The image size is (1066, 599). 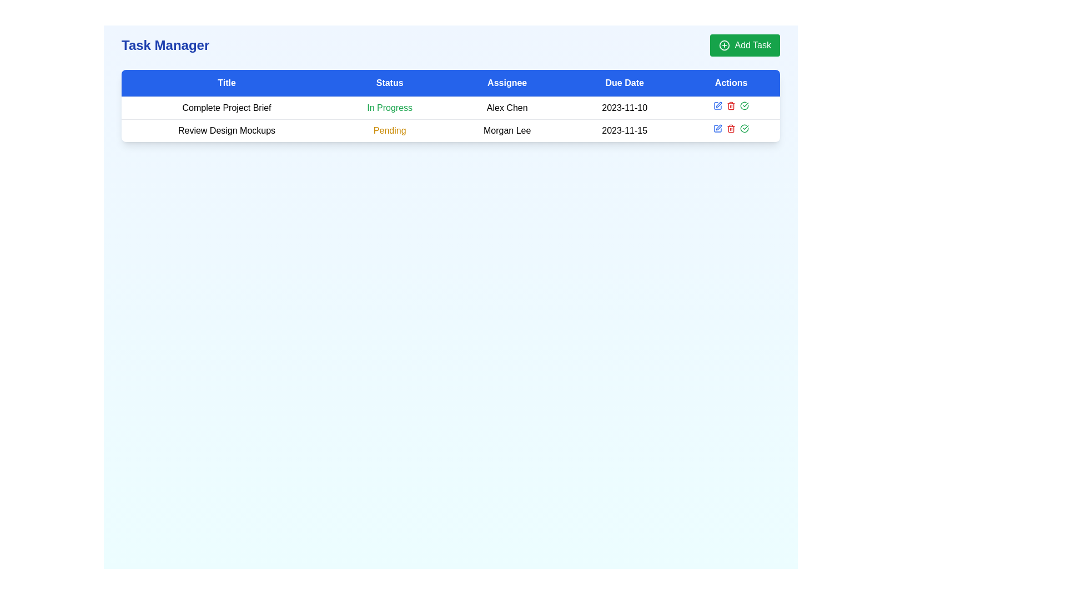 I want to click on the 'Add Task' button, so click(x=745, y=44).